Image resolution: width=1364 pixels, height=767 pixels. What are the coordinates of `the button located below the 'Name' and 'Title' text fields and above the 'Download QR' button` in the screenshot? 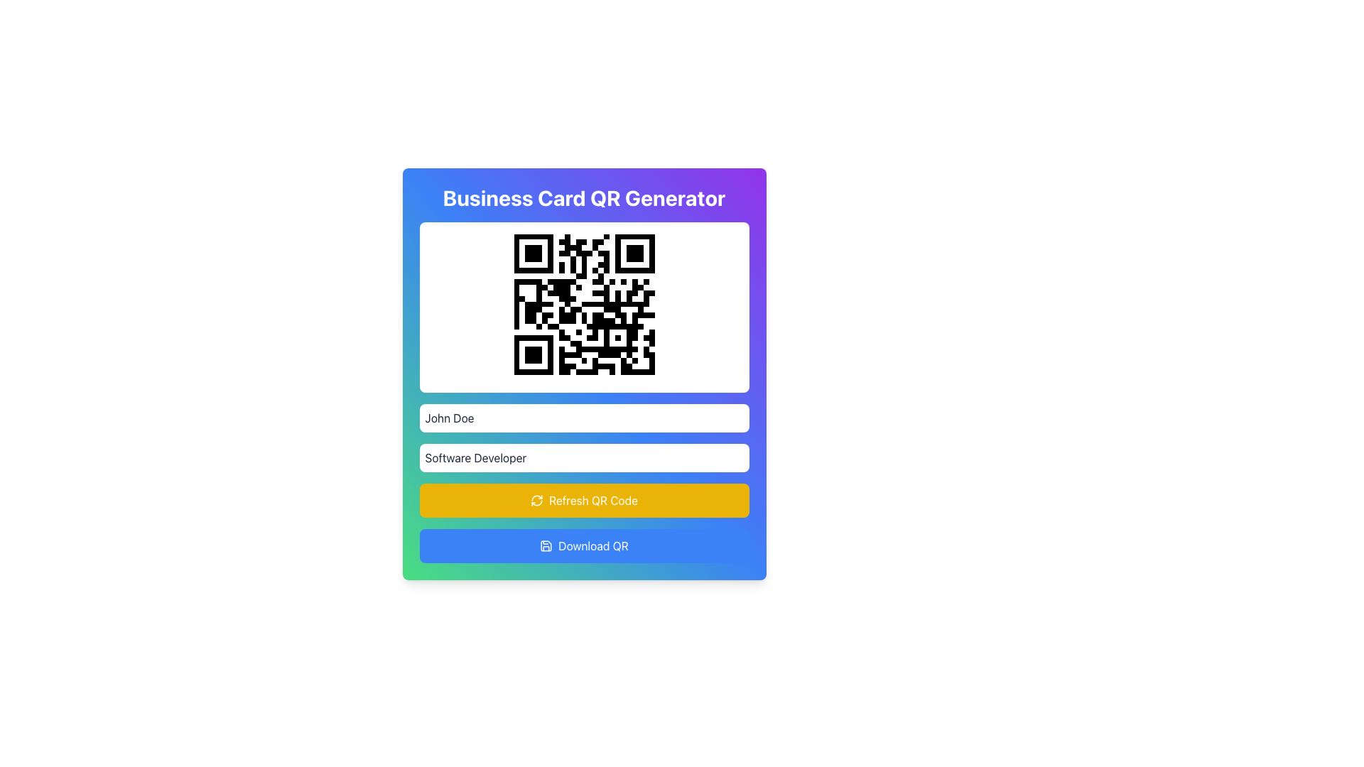 It's located at (584, 500).